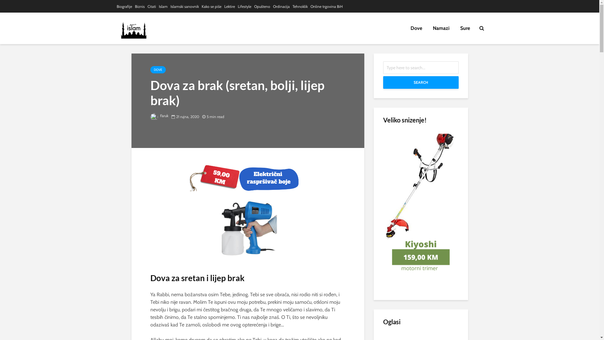 The width and height of the screenshot is (604, 340). What do you see at coordinates (124, 6) in the screenshot?
I see `'Biografije'` at bounding box center [124, 6].